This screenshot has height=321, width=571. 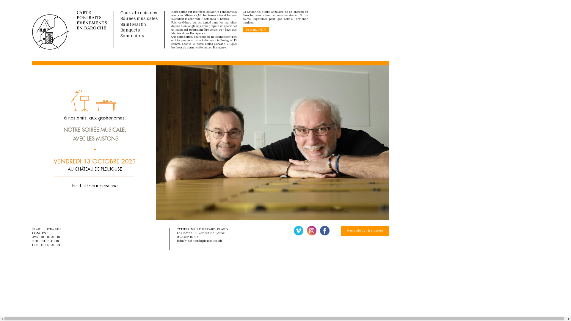 I want to click on 'Le menu (PDF)', so click(x=256, y=30).